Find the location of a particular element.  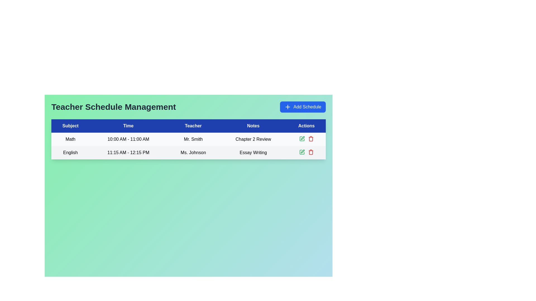

the green pencil icon button in the 'Actions' column of the second row in the 'Teacher Schedule Management' table to initiate editing is located at coordinates (302, 138).